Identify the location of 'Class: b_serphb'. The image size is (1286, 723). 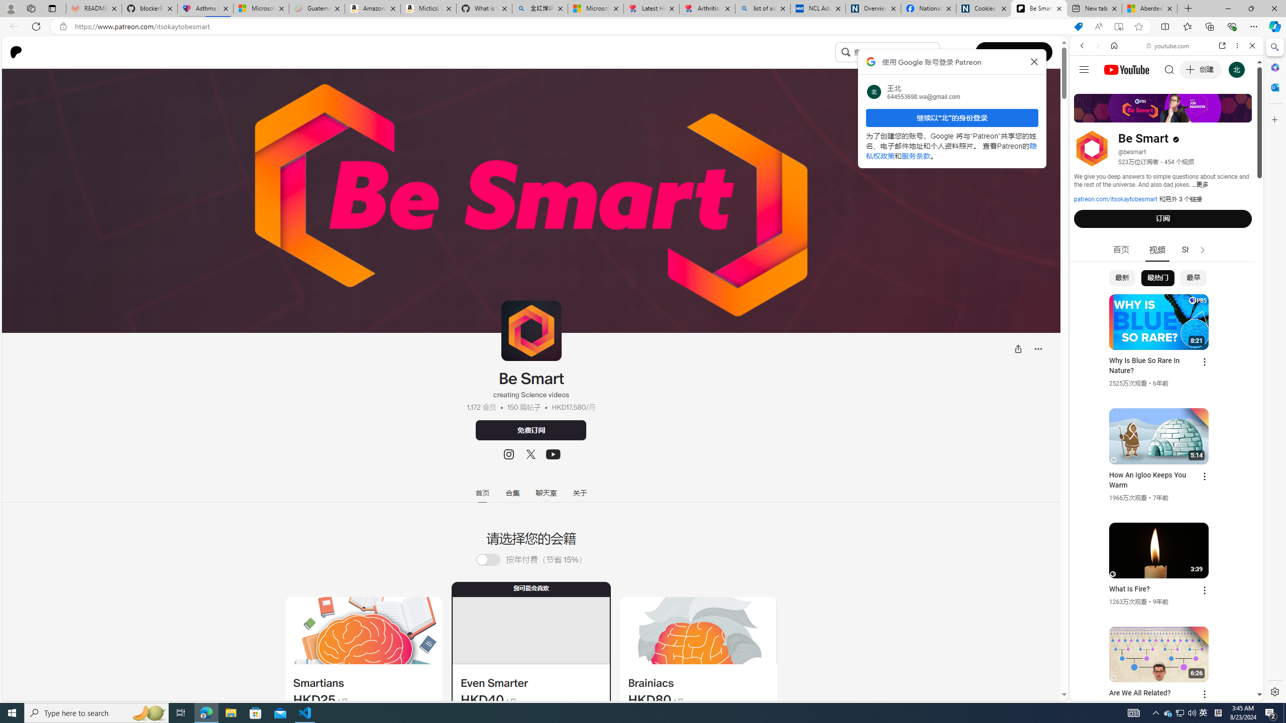
(1241, 115).